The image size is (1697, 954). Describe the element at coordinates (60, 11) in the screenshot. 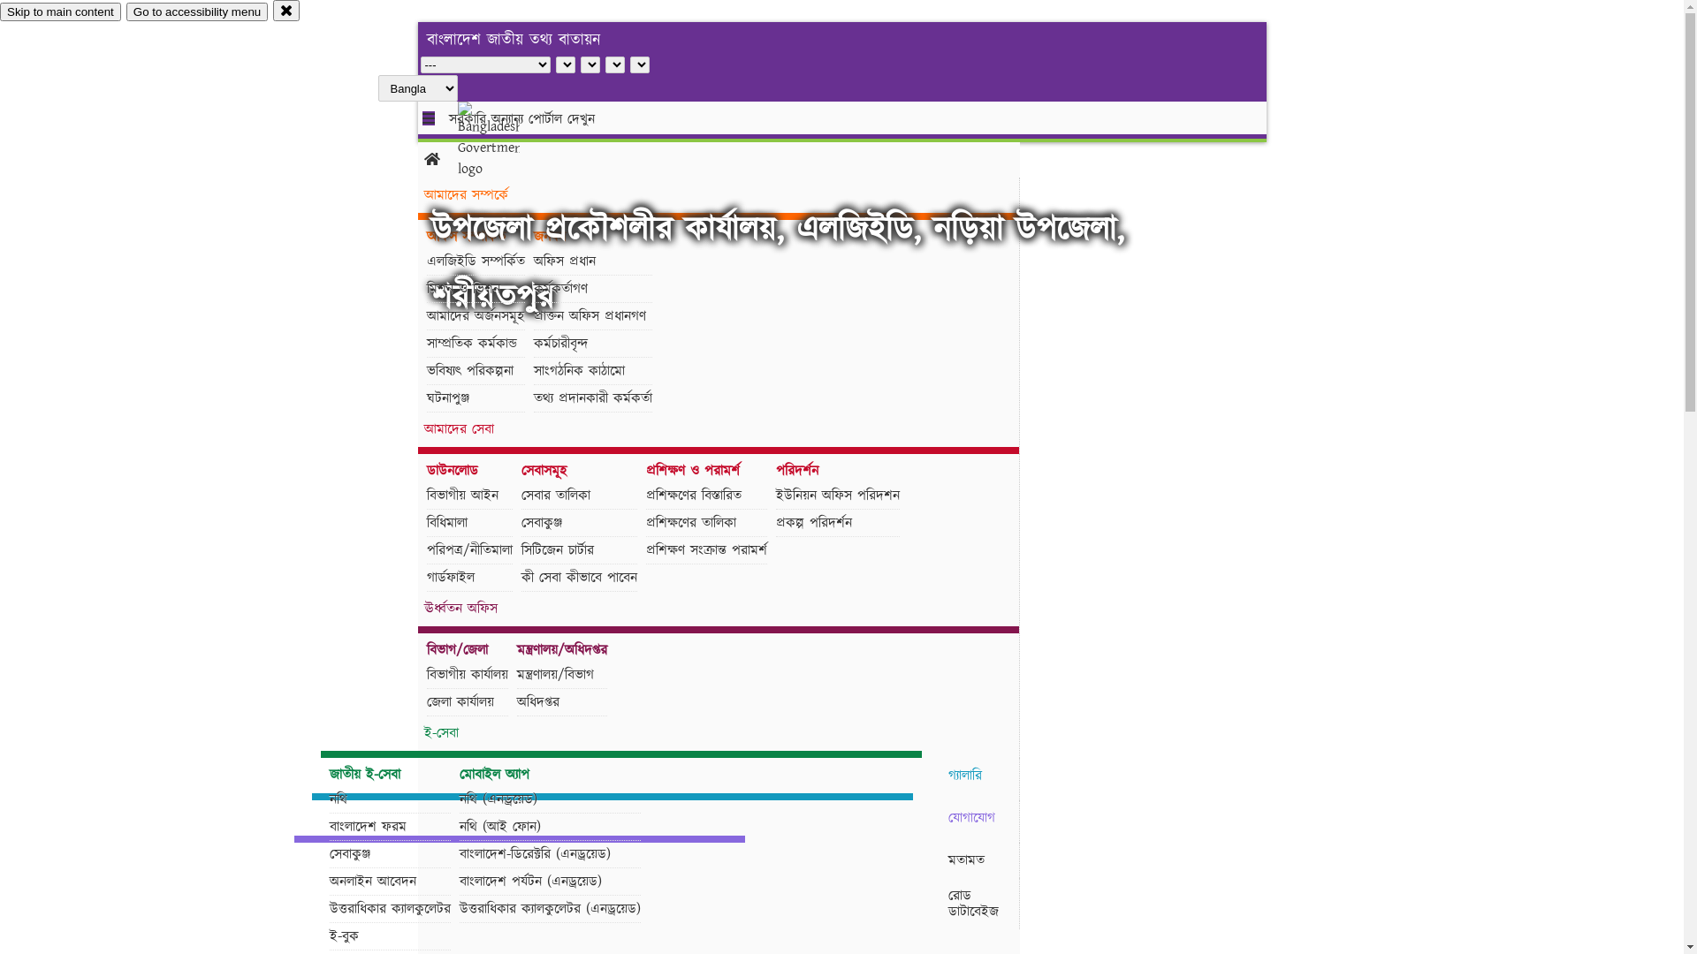

I see `'Skip to main content'` at that location.